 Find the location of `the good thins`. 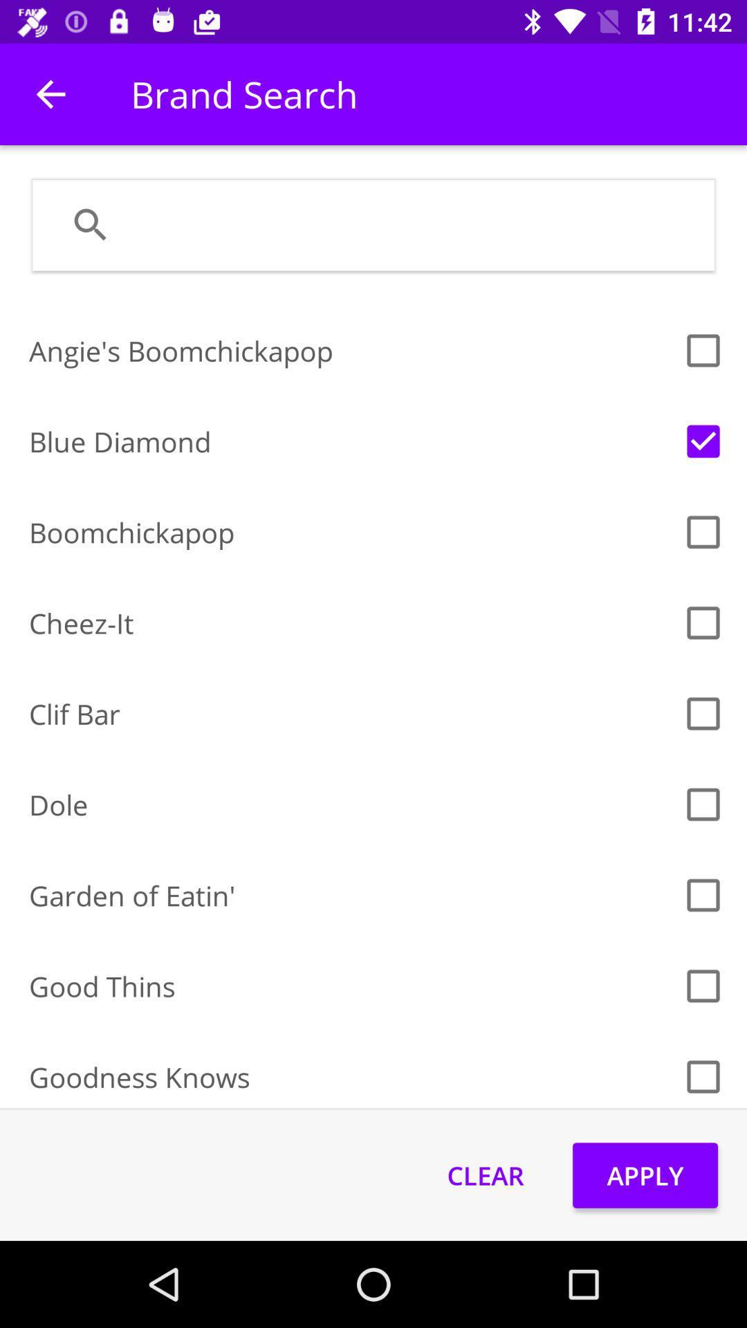

the good thins is located at coordinates (351, 986).